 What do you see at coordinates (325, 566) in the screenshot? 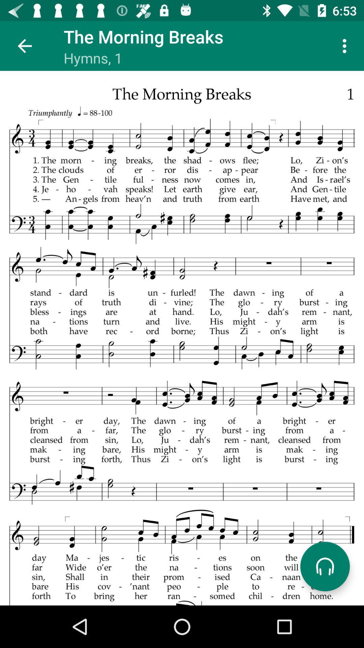
I see `headphone` at bounding box center [325, 566].